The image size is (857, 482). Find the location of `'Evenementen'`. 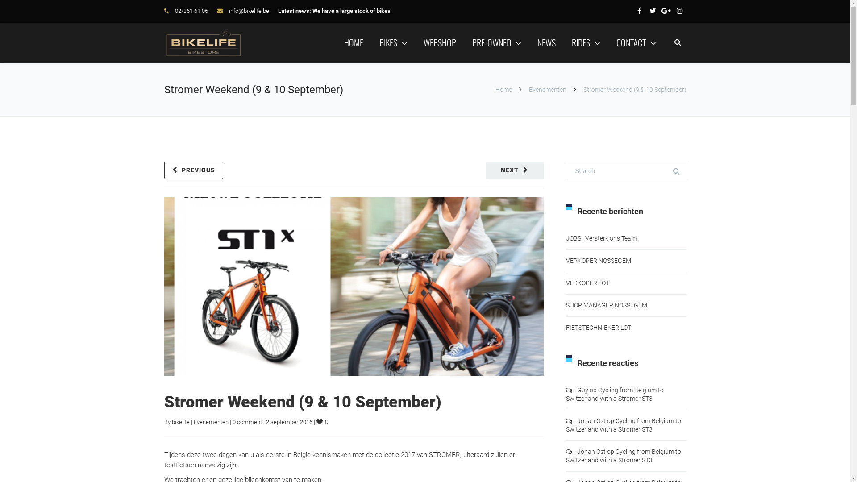

'Evenementen' is located at coordinates (546, 89).